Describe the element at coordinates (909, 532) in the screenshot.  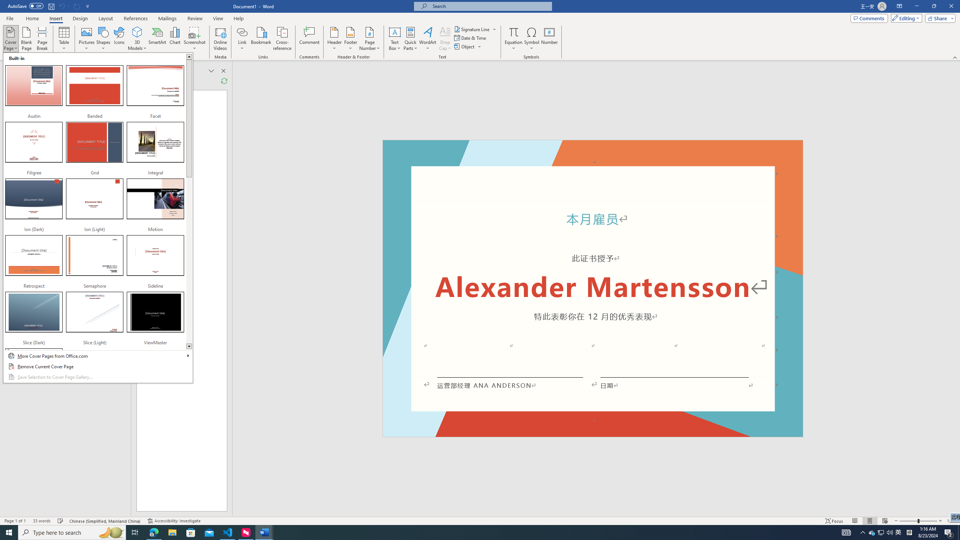
I see `'Tray Input Indicator - Chinese (Simplified, China)'` at that location.